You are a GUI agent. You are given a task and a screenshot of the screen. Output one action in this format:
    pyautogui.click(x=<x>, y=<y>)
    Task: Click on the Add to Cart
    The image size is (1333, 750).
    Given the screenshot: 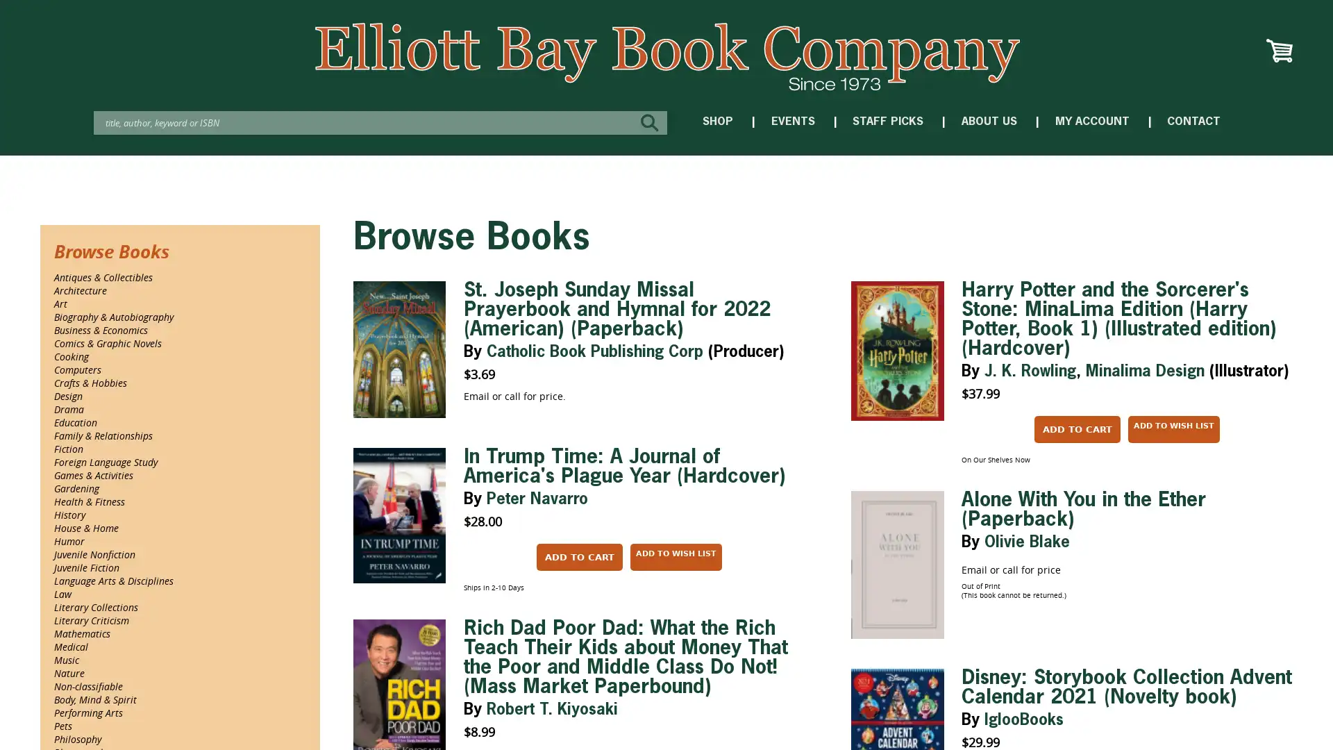 What is the action you would take?
    pyautogui.click(x=579, y=556)
    